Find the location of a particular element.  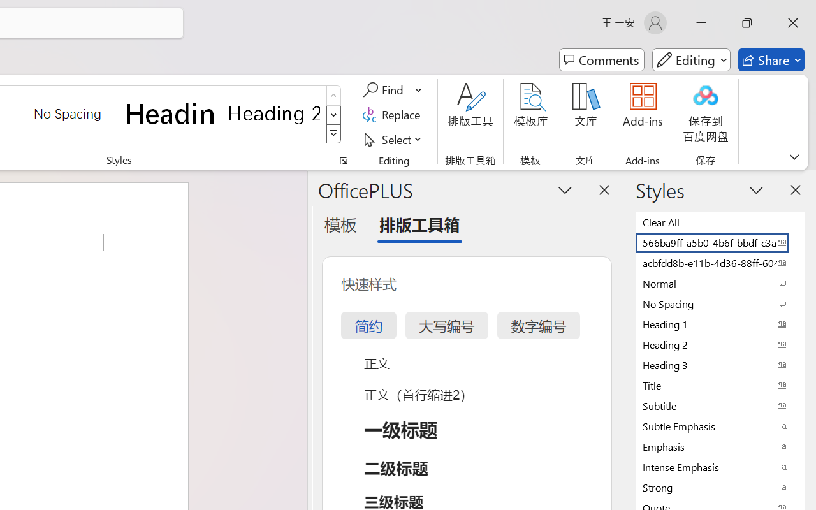

'Emphasis' is located at coordinates (720, 446).